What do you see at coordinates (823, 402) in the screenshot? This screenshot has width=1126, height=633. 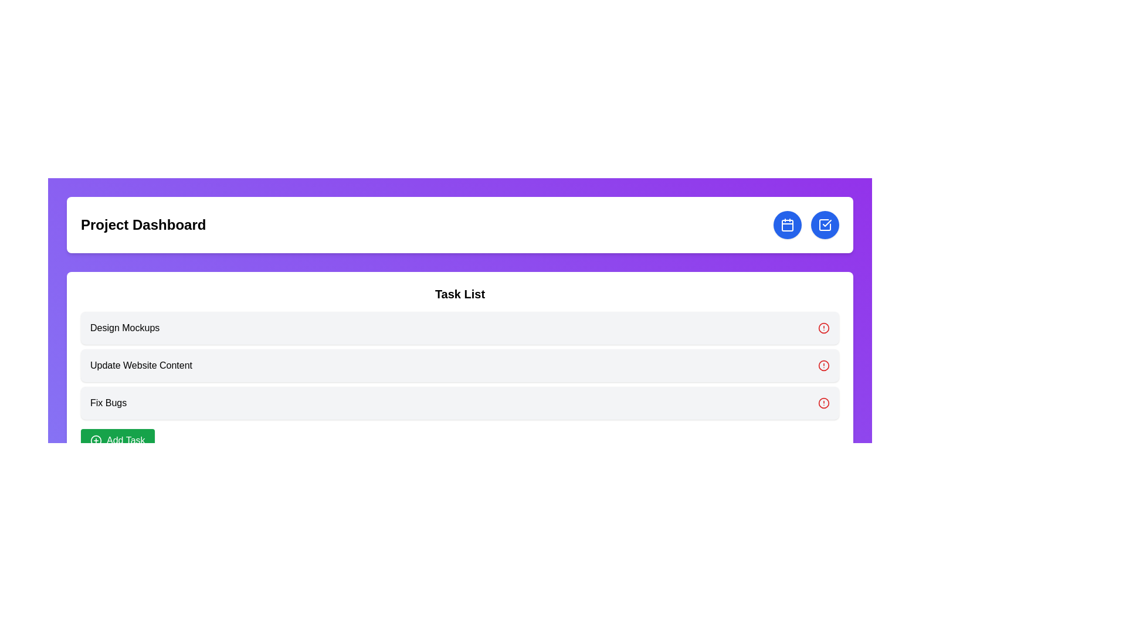 I see `the information alert icon located on the right-hand side of the 'Fix Bugs' task item` at bounding box center [823, 402].